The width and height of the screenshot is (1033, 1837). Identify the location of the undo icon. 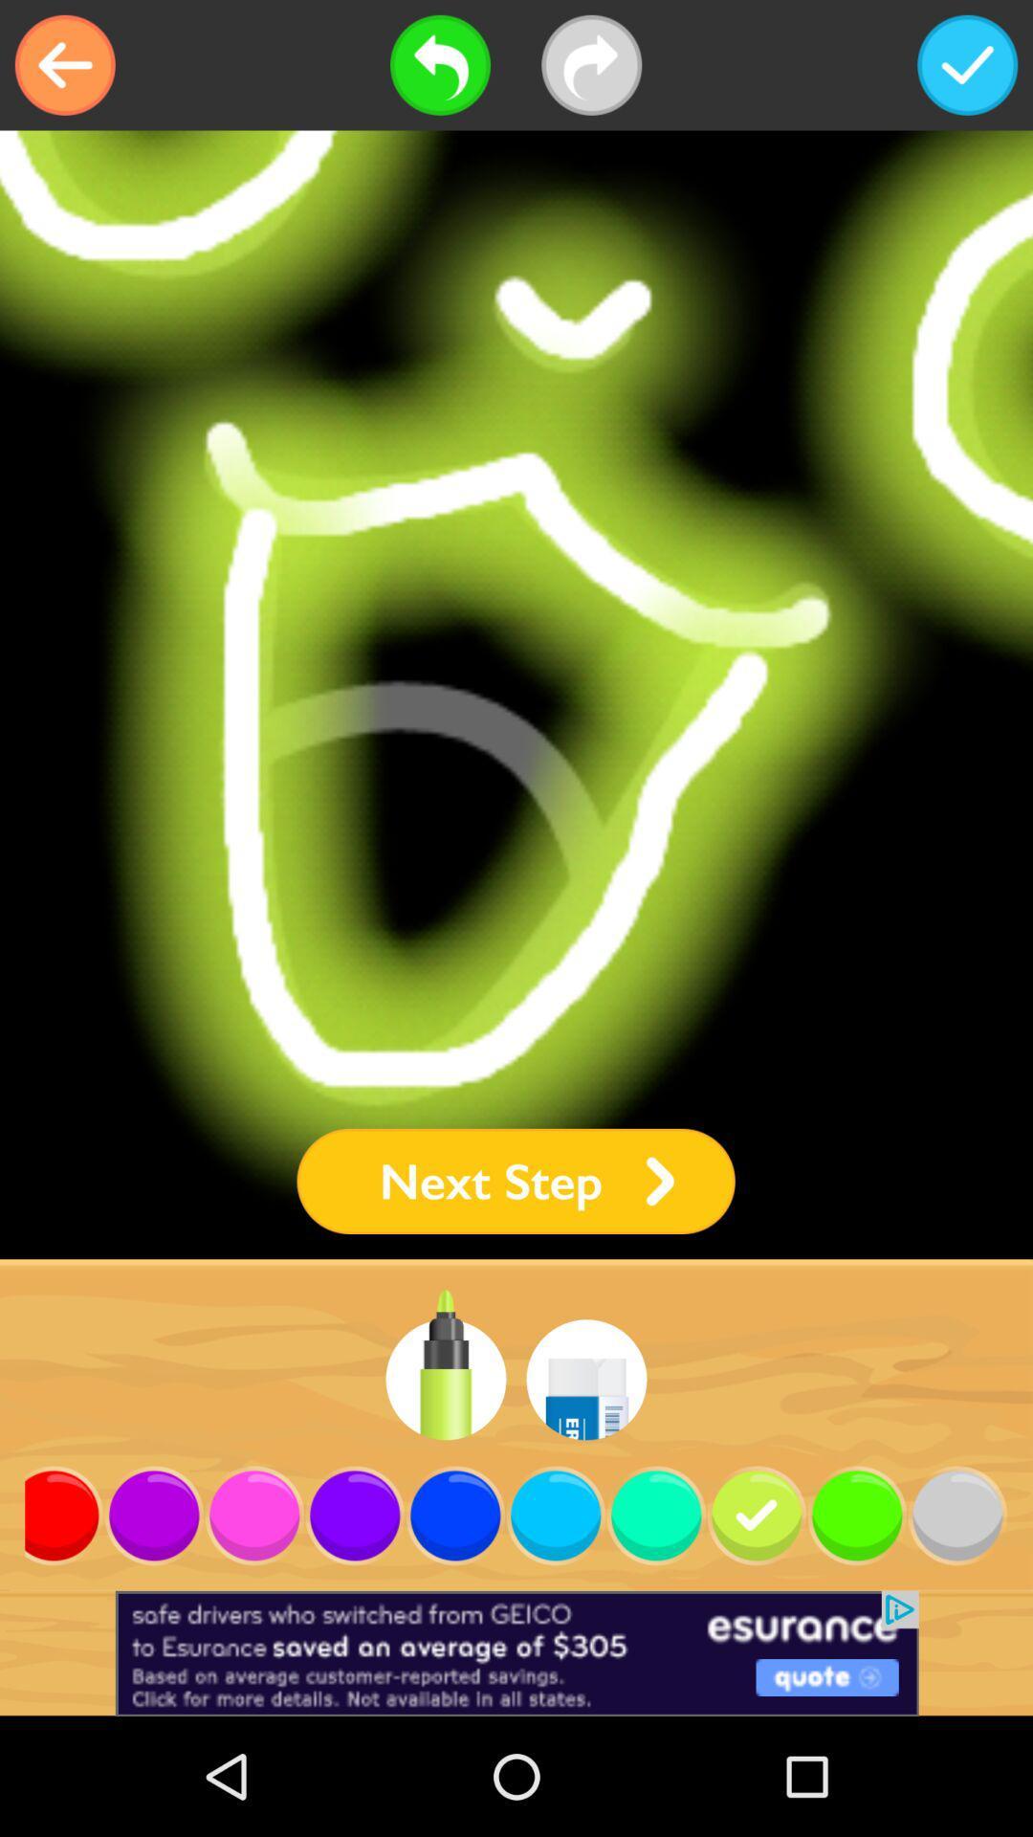
(440, 65).